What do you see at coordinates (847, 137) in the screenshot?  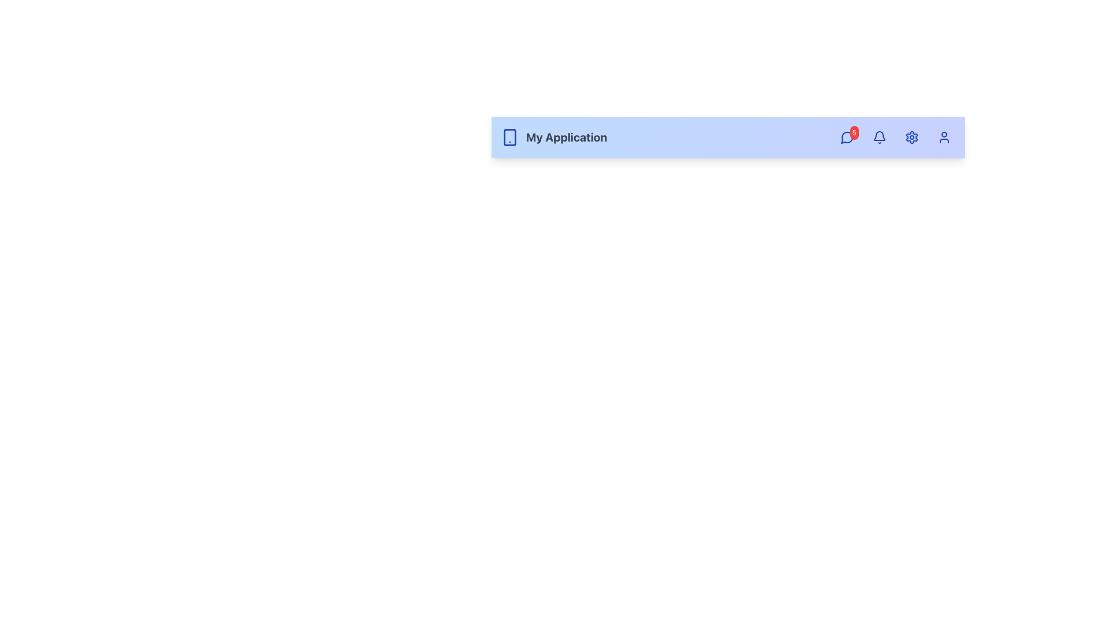 I see `the blue chat bubble icon with a red notification badge displaying '5'` at bounding box center [847, 137].